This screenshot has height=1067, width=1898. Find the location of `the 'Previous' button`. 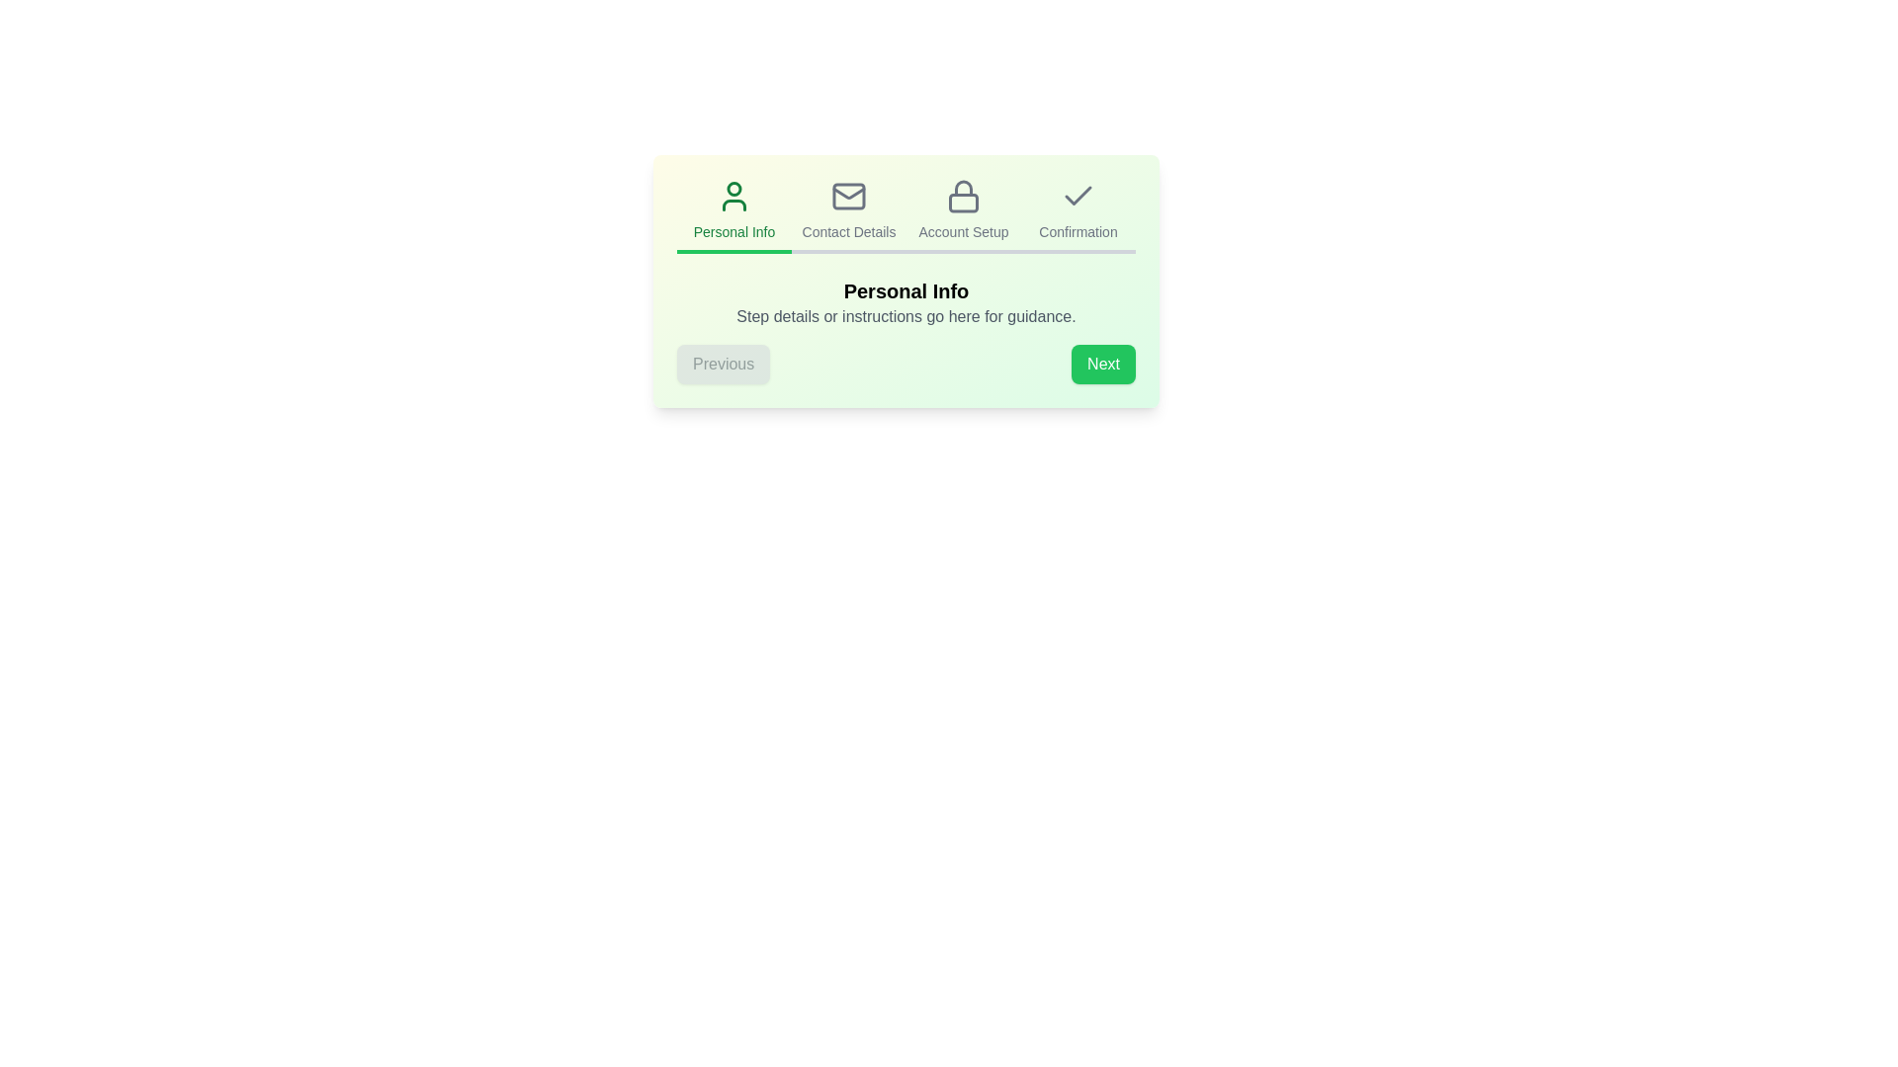

the 'Previous' button is located at coordinates (723, 365).